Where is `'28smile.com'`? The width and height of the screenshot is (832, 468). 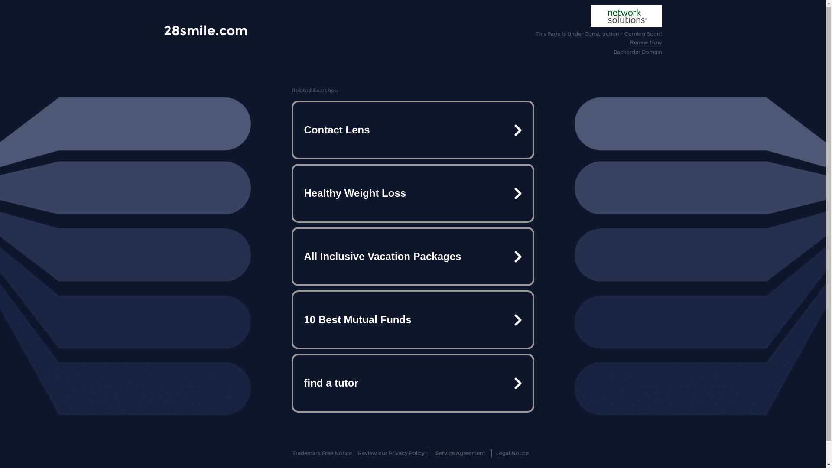 '28smile.com' is located at coordinates (205, 30).